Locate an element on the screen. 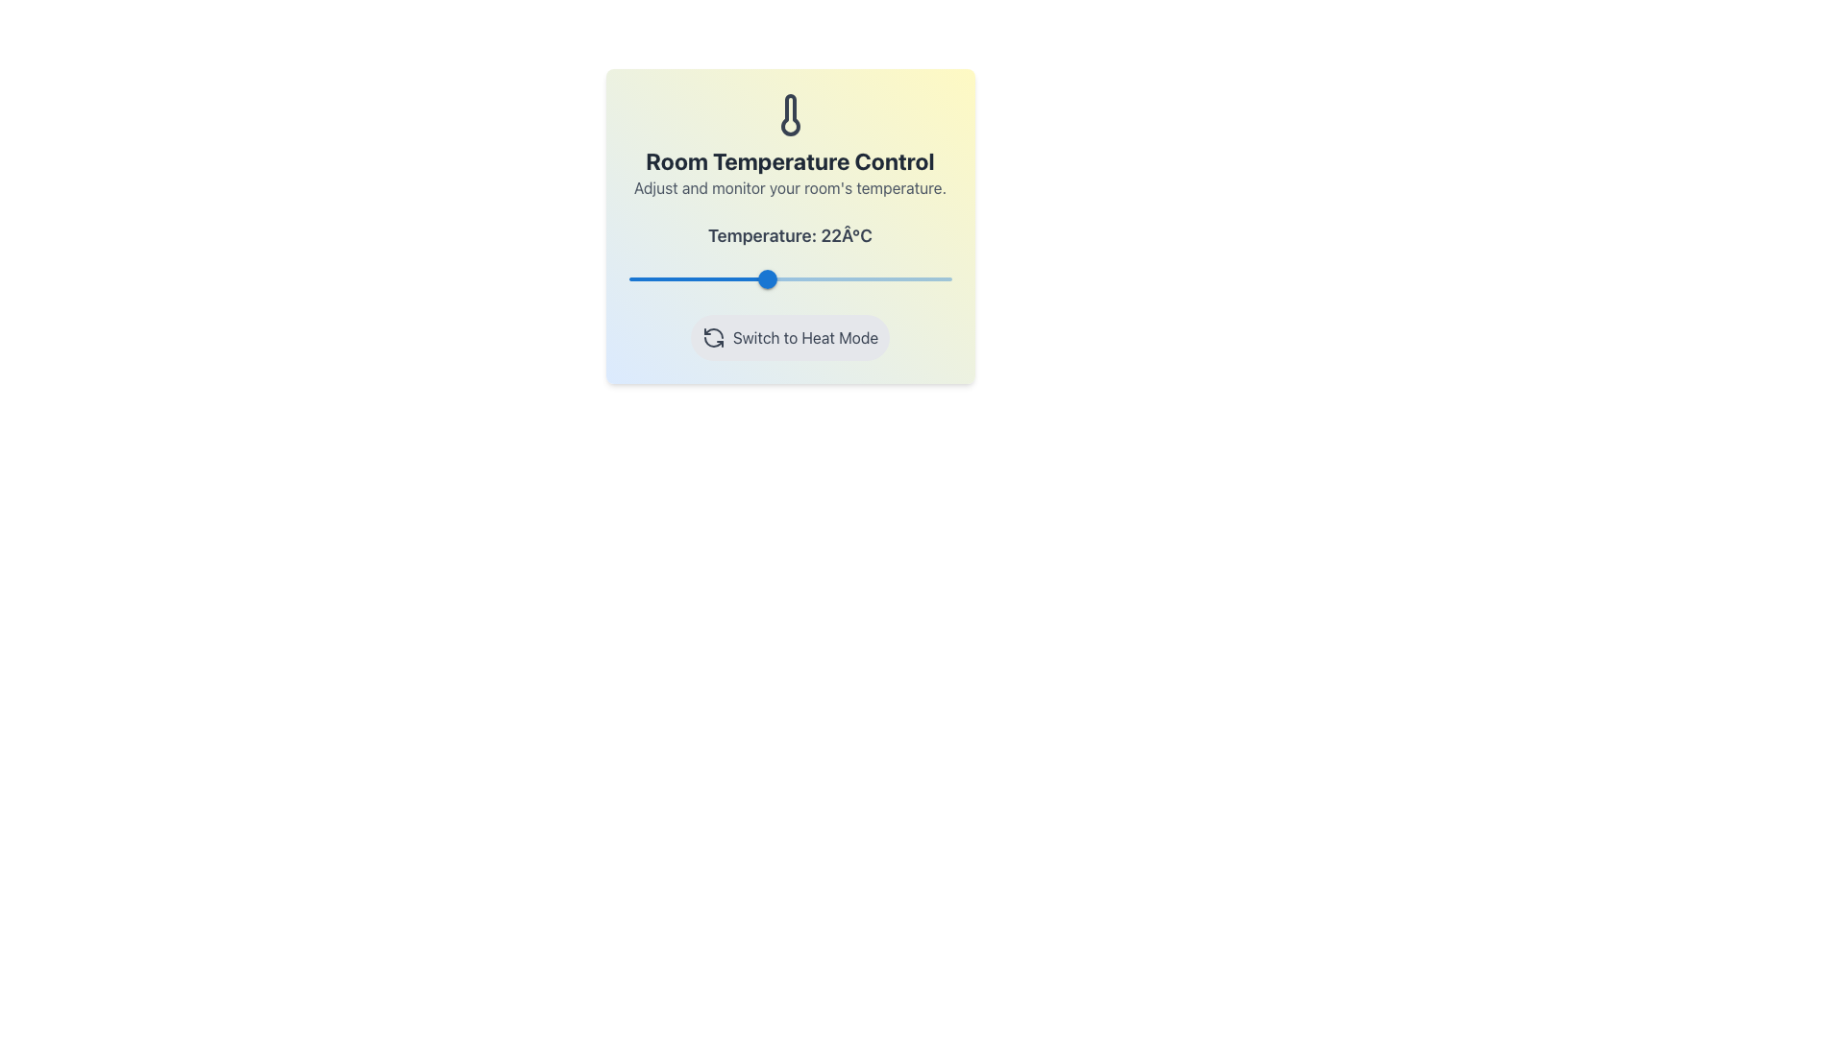 The width and height of the screenshot is (1845, 1037). the thermometer icon located at the top-center of the 'Room Temperature Control' card, positioned directly above the text heading is located at coordinates (790, 114).